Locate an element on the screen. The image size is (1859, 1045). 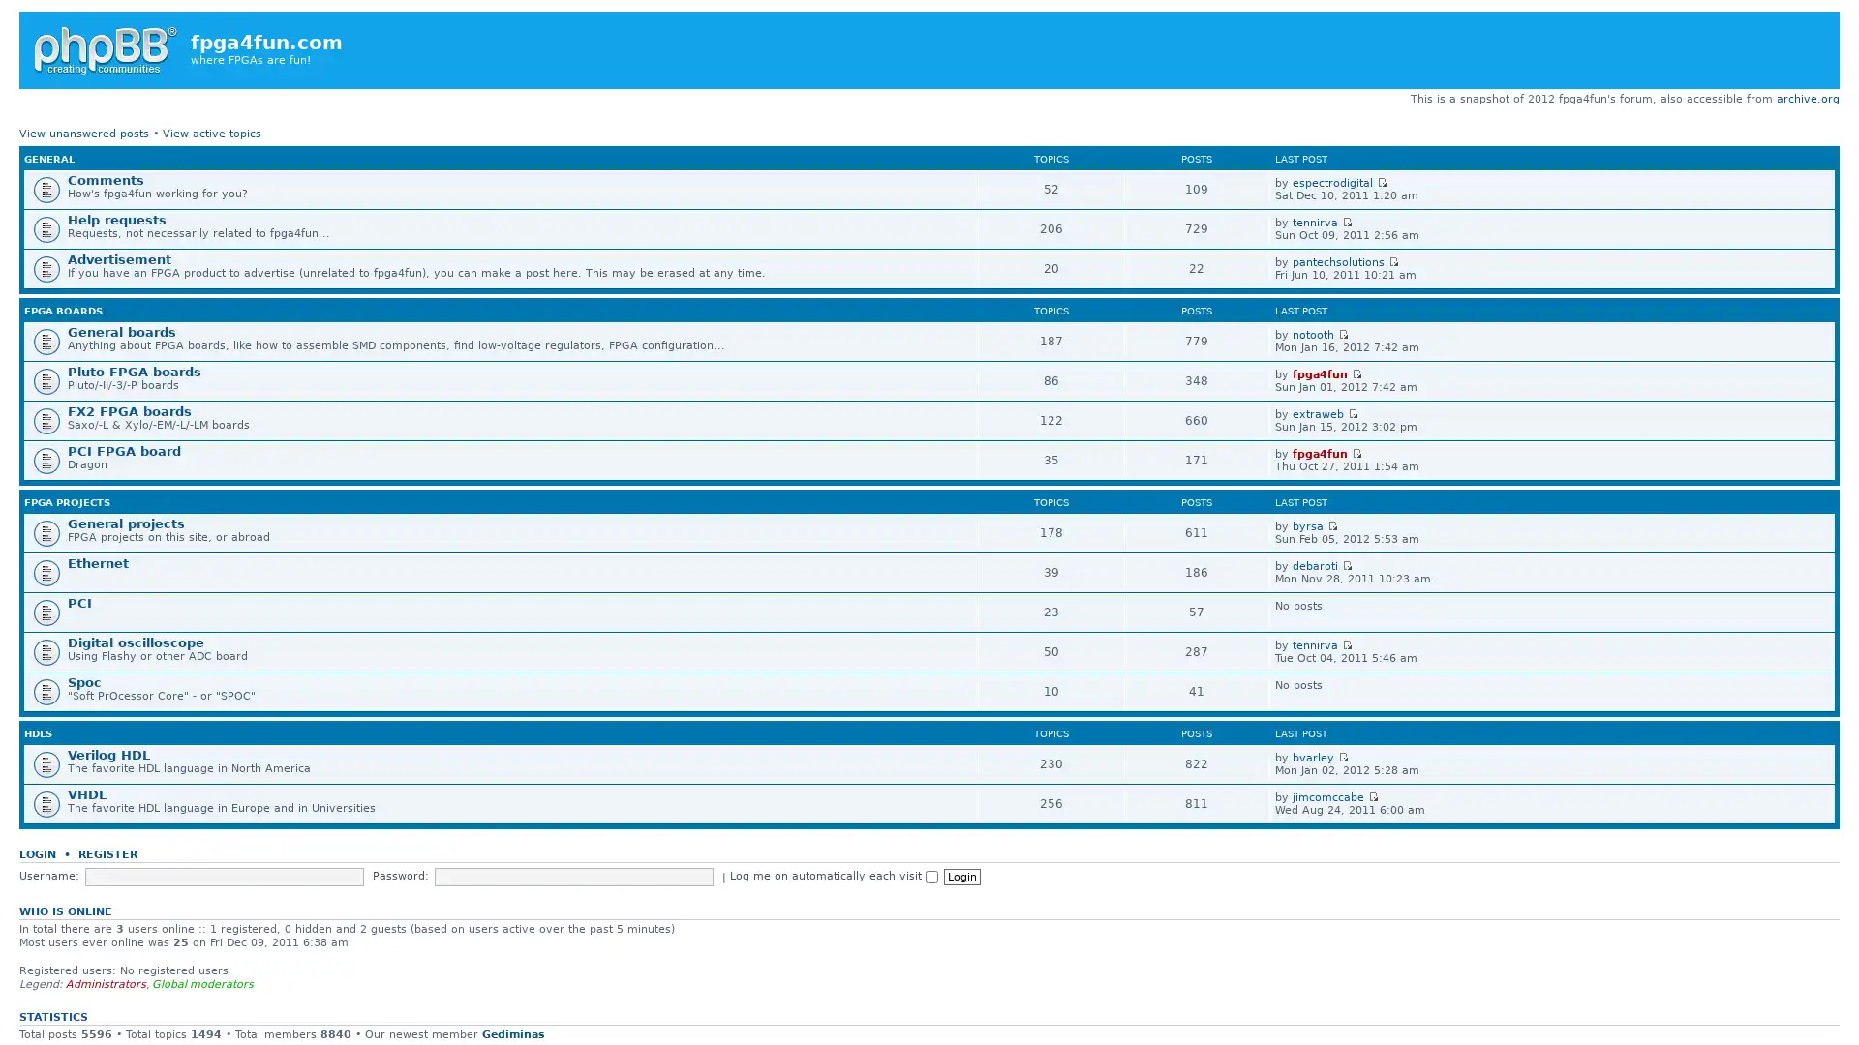
Login is located at coordinates (961, 876).